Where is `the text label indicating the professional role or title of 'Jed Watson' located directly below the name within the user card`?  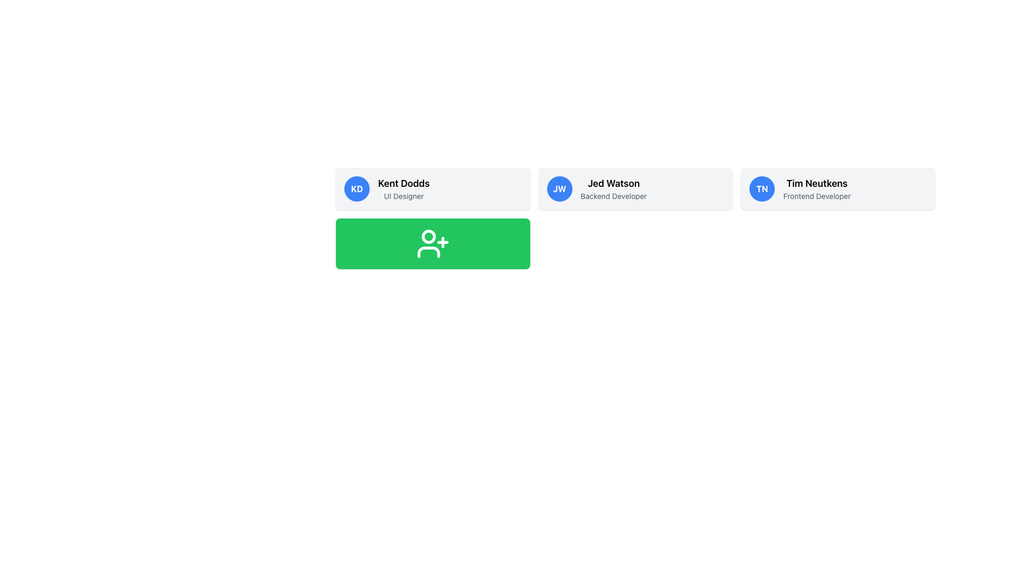
the text label indicating the professional role or title of 'Jed Watson' located directly below the name within the user card is located at coordinates (614, 196).